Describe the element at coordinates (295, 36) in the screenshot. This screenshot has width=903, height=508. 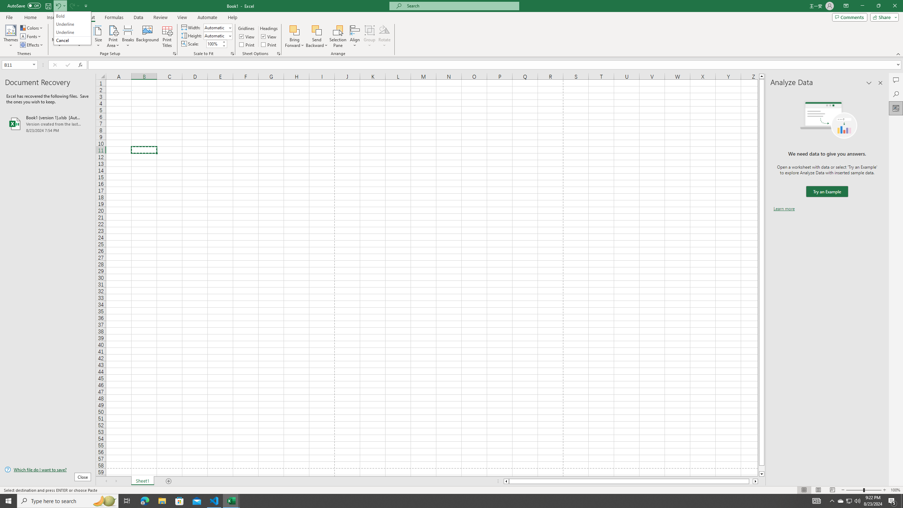
I see `'Bring Forward'` at that location.